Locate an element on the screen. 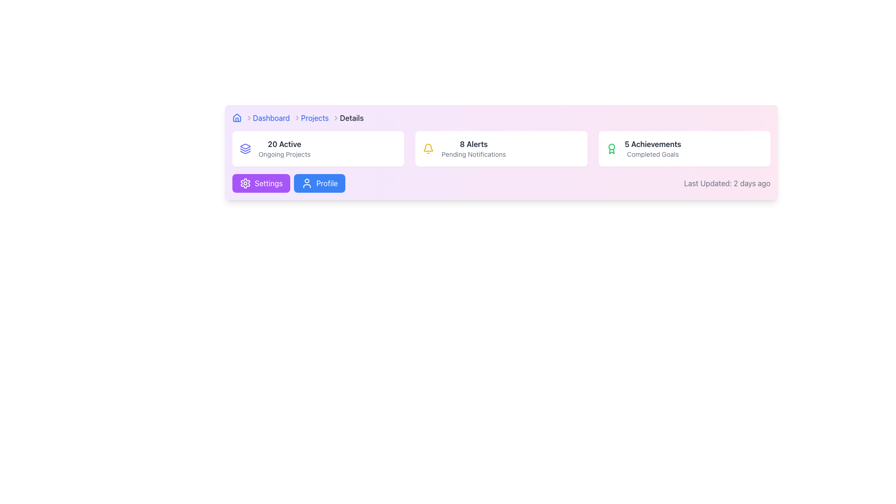 Image resolution: width=896 pixels, height=504 pixels. the breadcrumb navigation item that features a blue outlined home icon followed by a gray chevron icon is located at coordinates (242, 118).